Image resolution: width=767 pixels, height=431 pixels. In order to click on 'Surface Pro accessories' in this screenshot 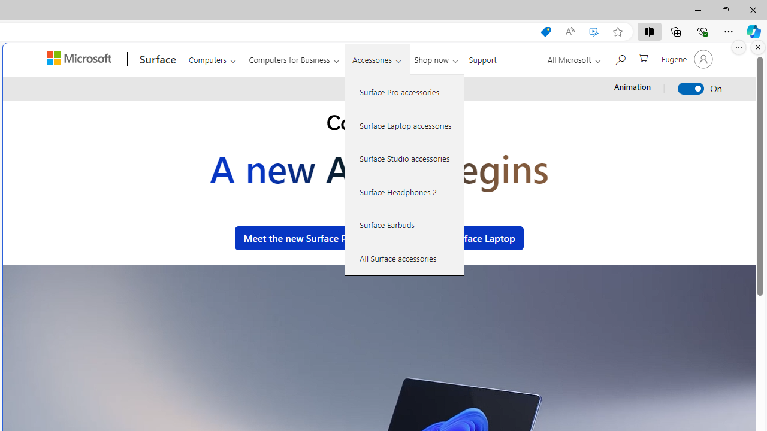, I will do `click(404, 92)`.